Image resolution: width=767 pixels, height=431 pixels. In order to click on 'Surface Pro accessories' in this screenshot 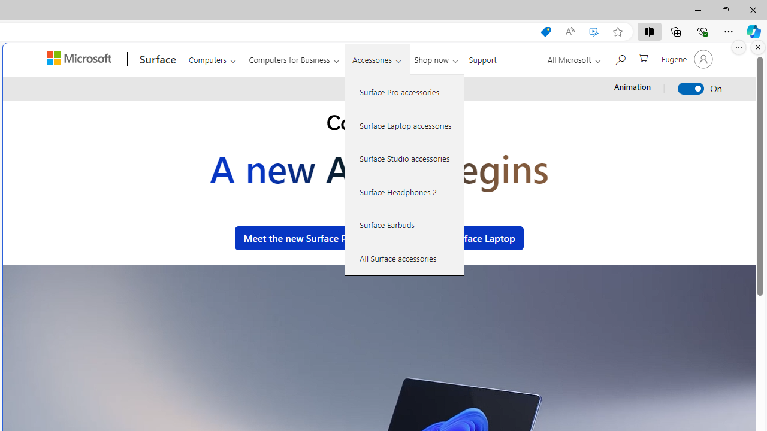, I will do `click(404, 92)`.